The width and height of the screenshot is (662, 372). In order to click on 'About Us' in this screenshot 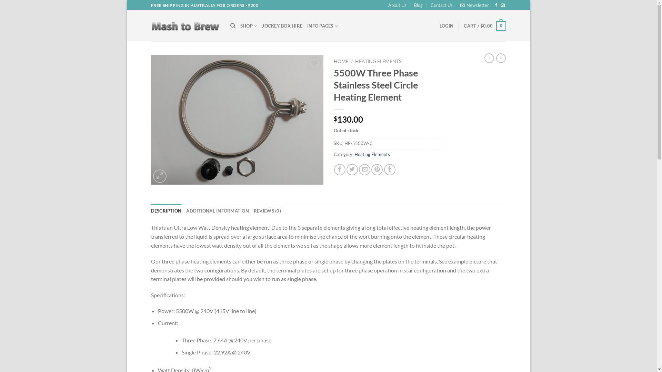, I will do `click(397, 5)`.